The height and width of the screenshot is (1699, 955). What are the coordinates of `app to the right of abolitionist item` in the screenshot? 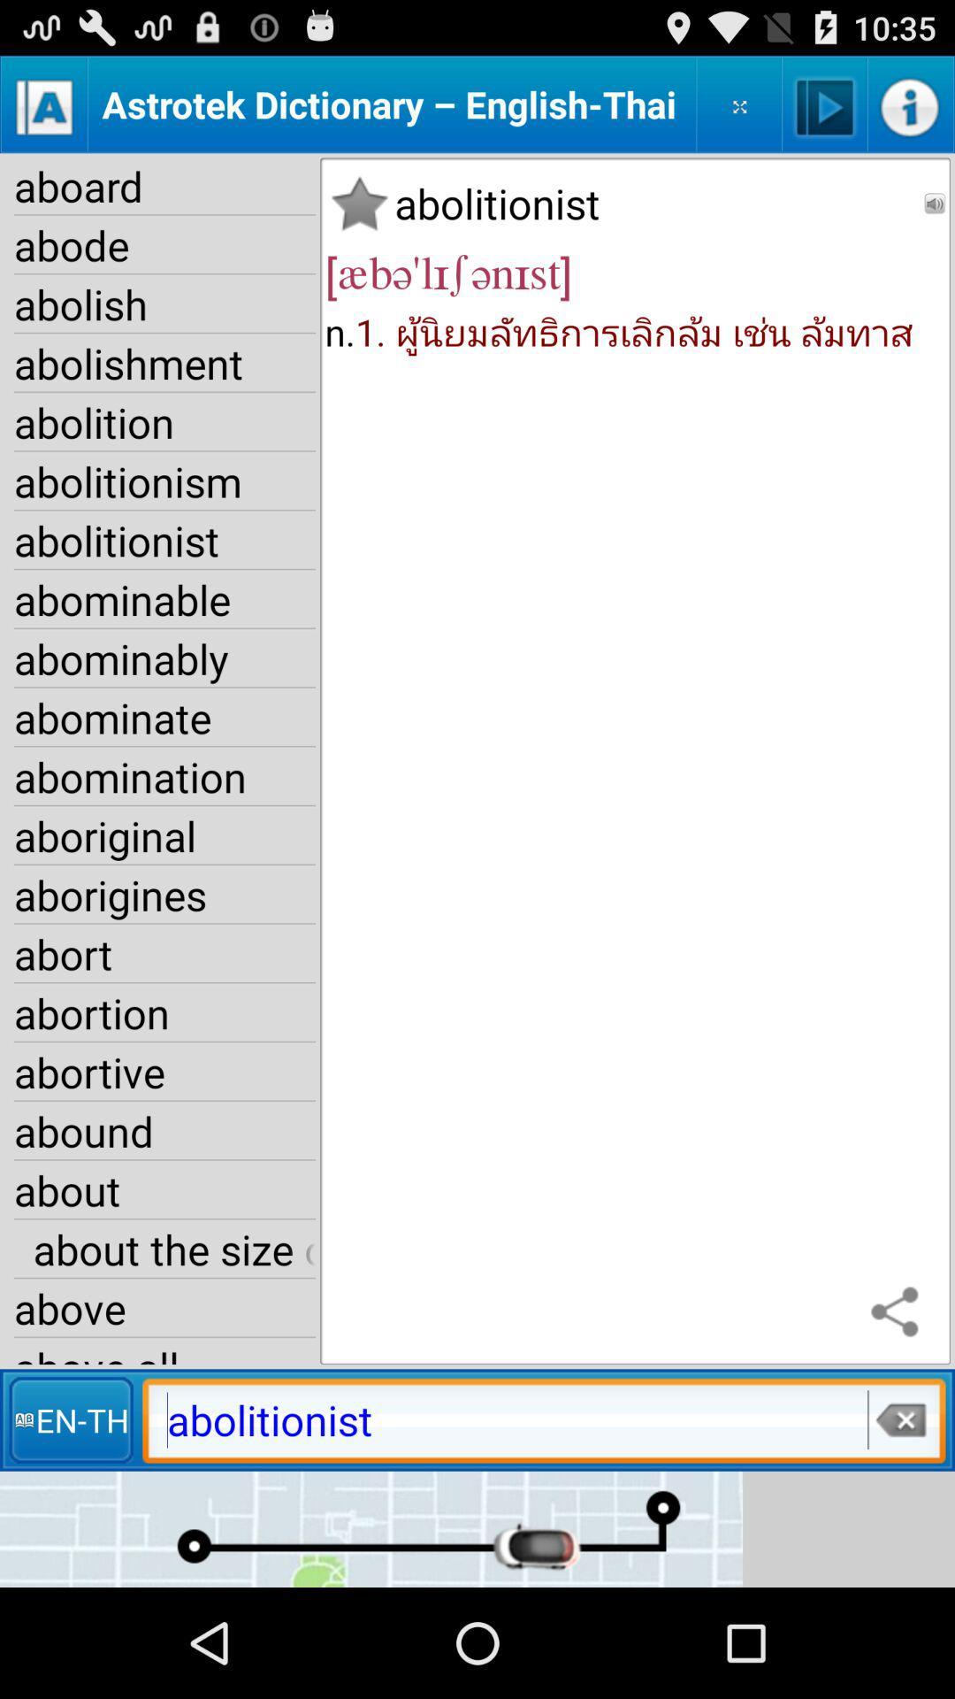 It's located at (934, 204).